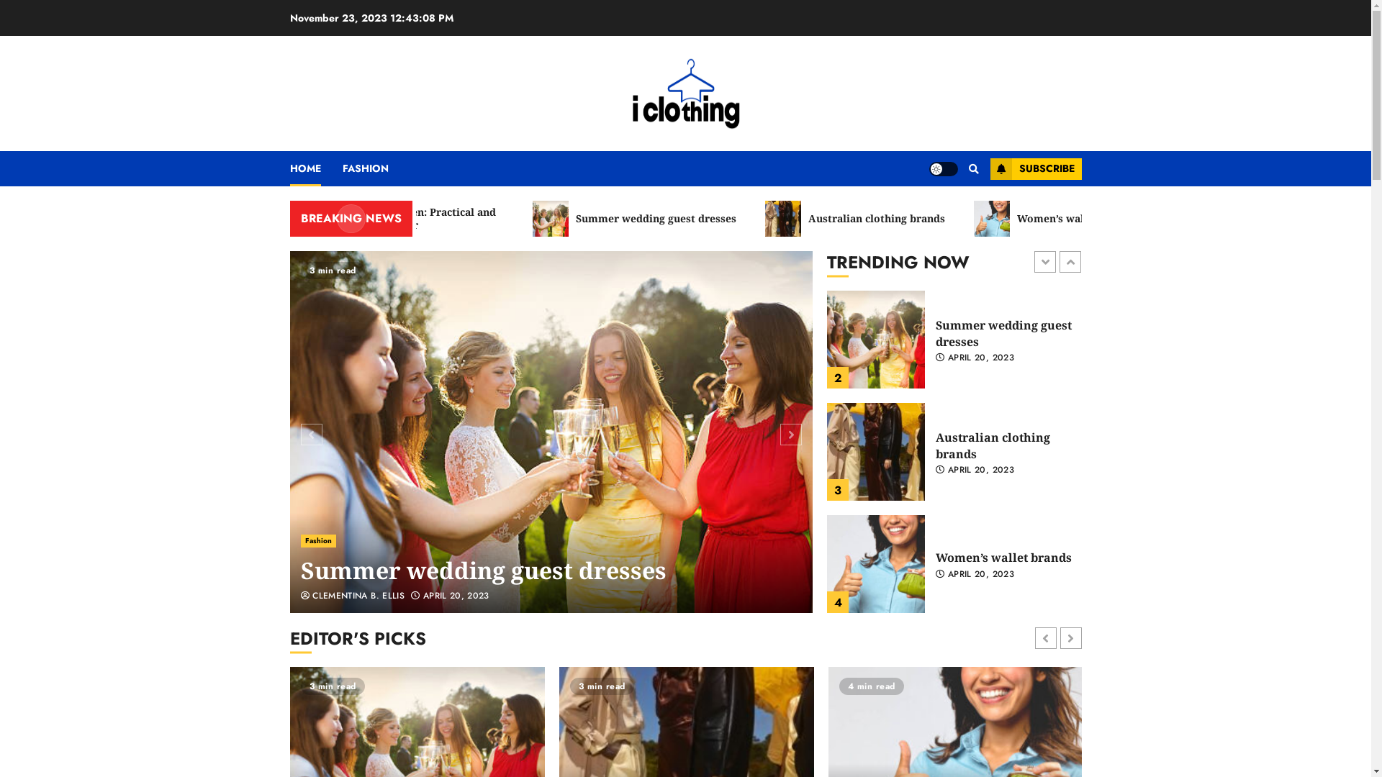  I want to click on 'Fashion', so click(317, 541).